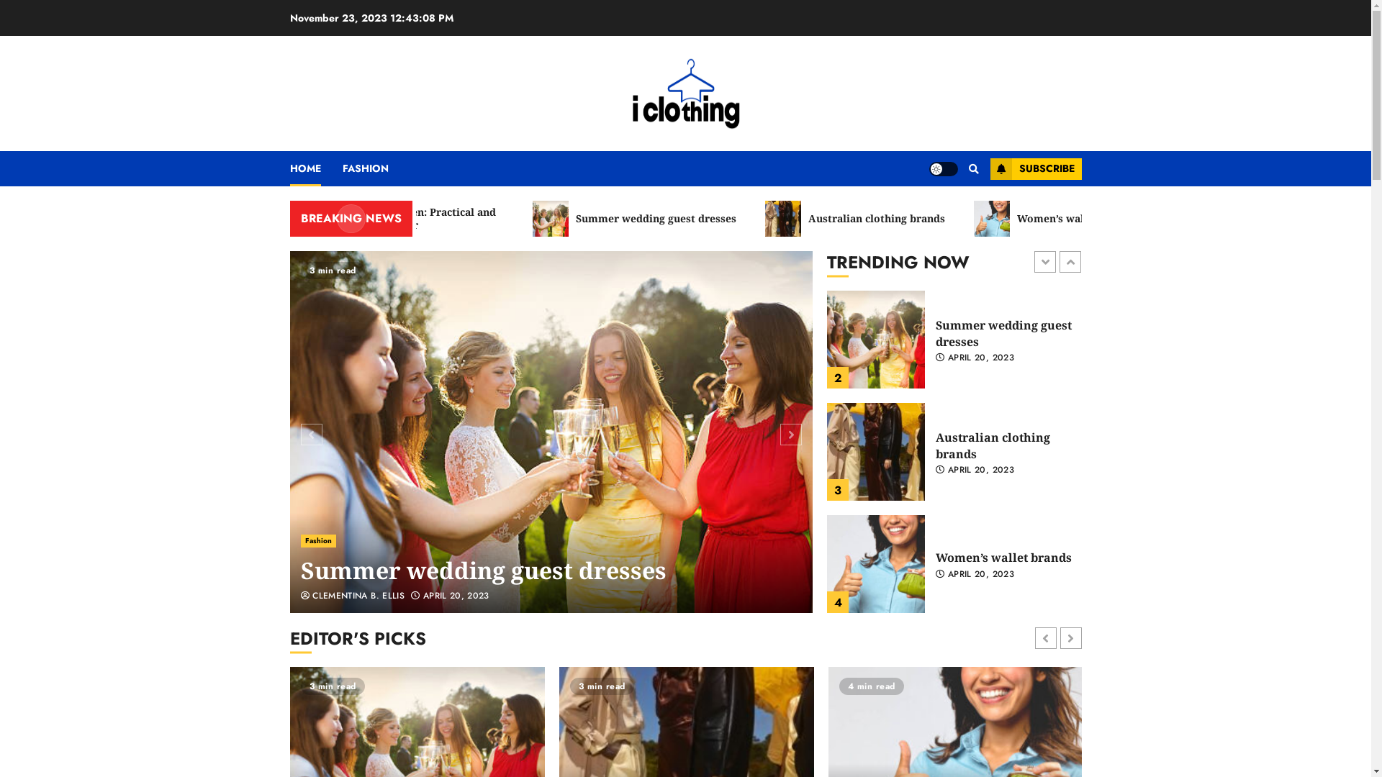  I want to click on 'Fashion', so click(317, 541).